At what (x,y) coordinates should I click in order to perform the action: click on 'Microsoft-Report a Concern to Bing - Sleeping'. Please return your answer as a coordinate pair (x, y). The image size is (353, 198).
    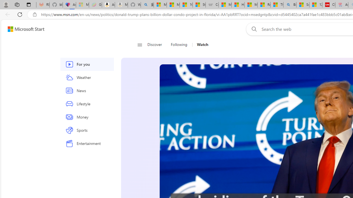
    Looking at the image, I should click on (82, 5).